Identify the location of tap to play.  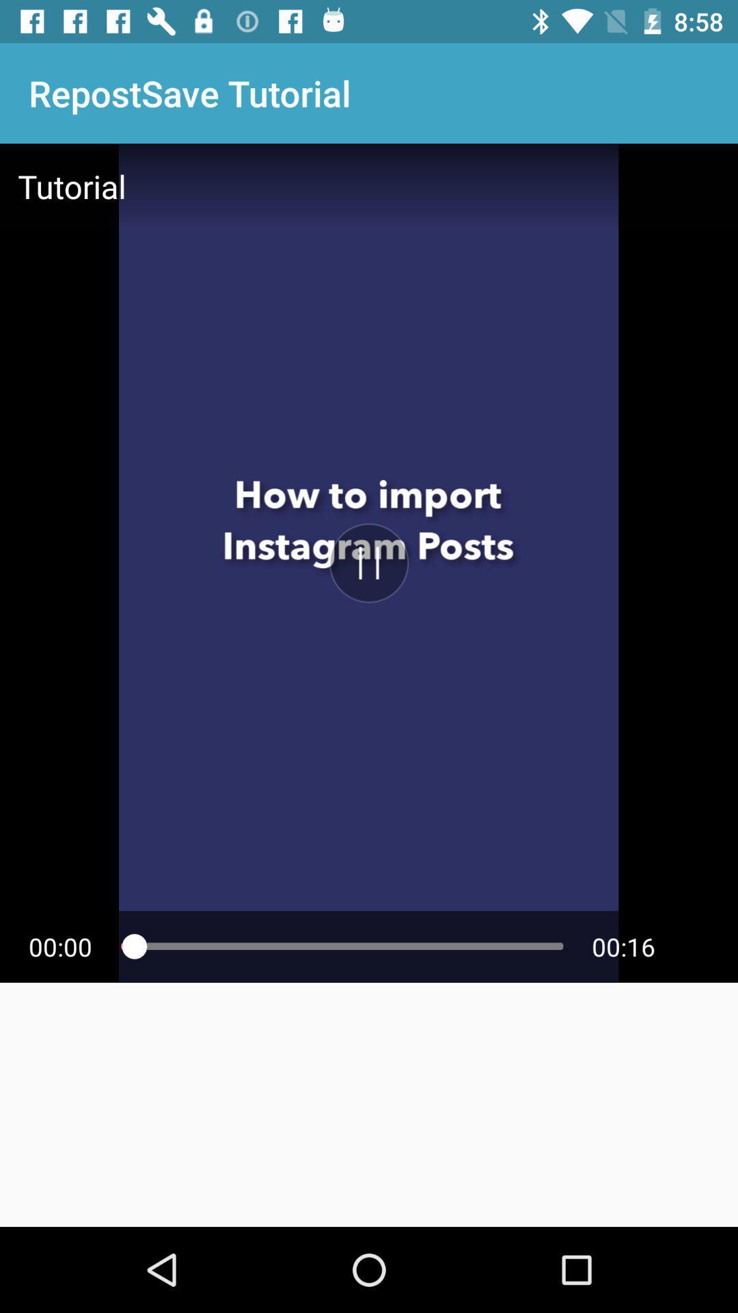
(369, 563).